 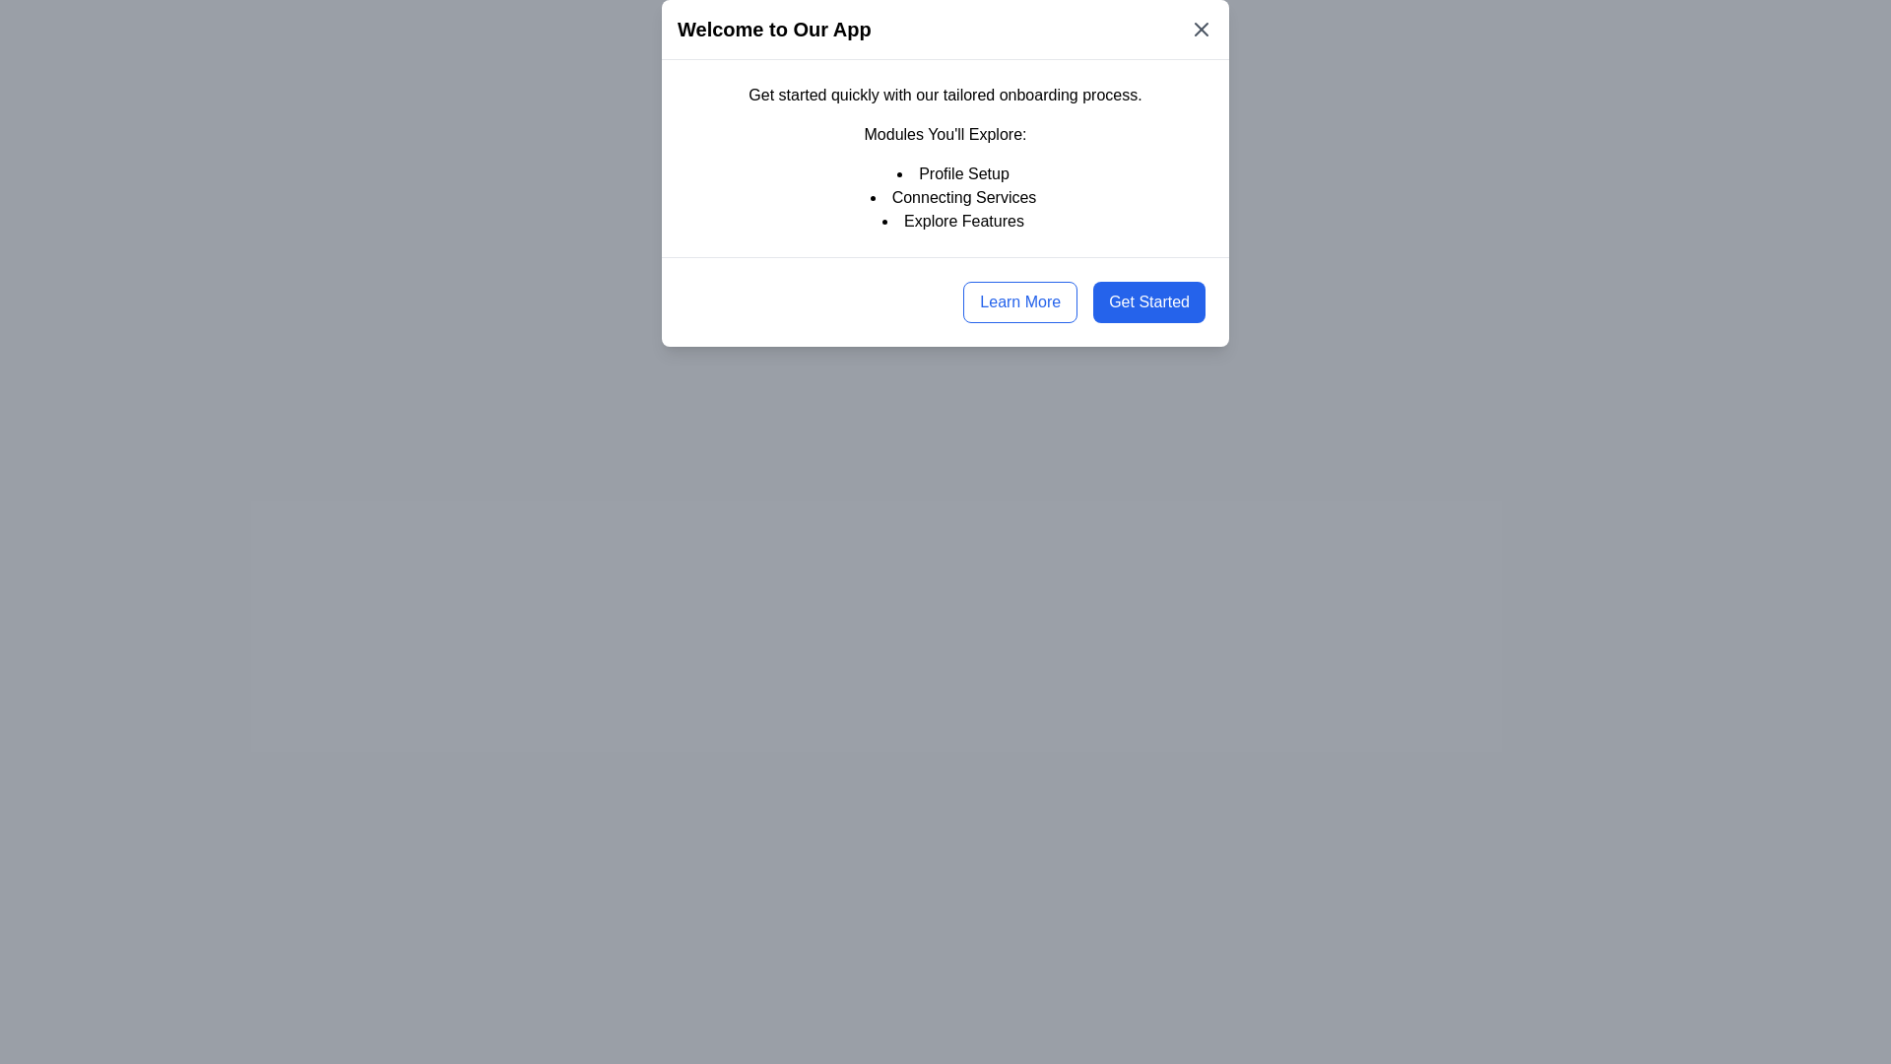 I want to click on the 'Get Started' button located in the bottom right corner of the dialog box, so click(x=1149, y=302).